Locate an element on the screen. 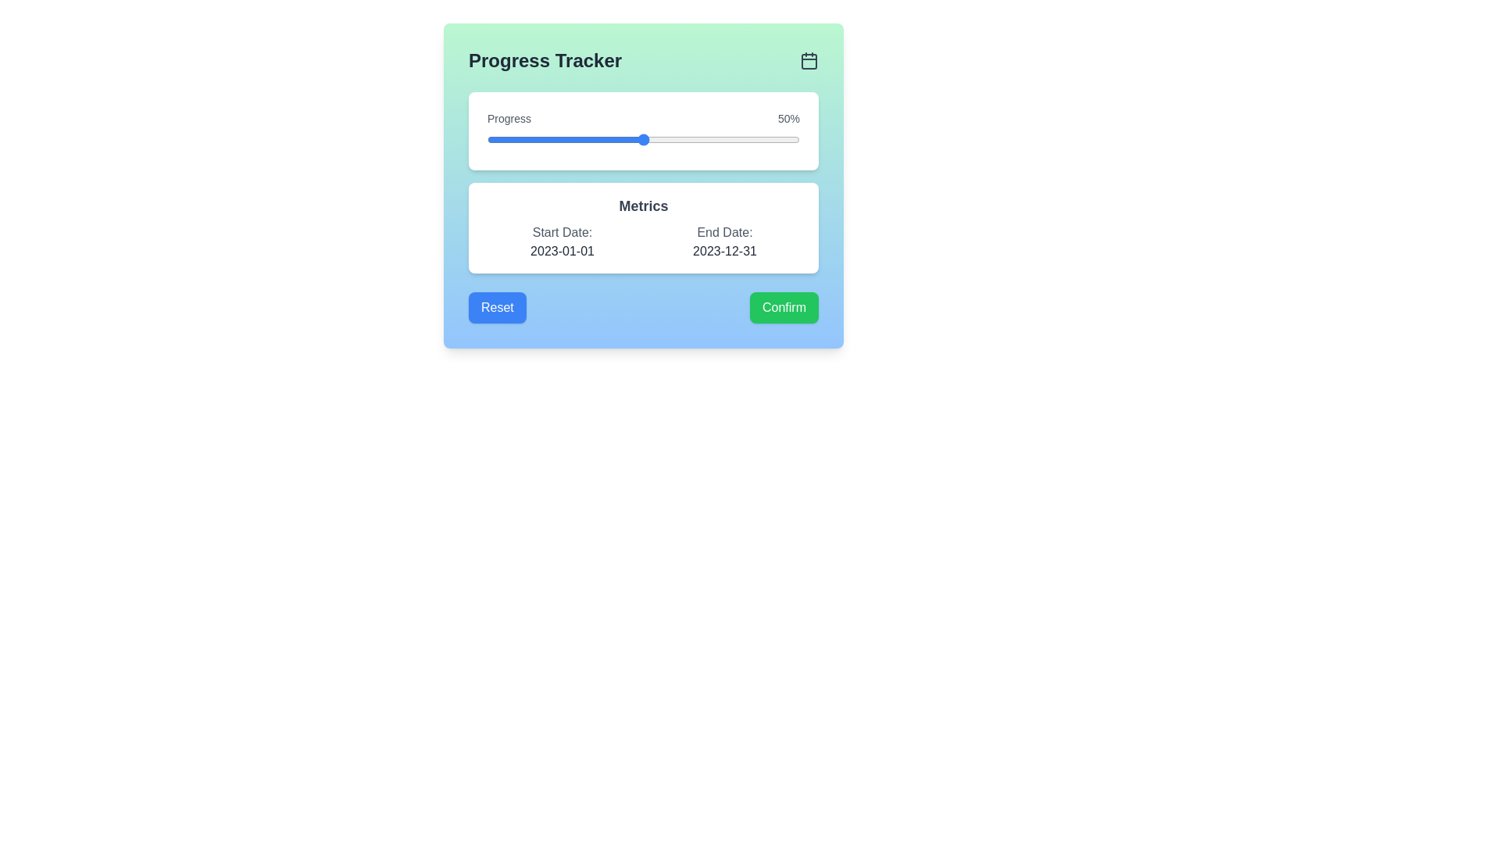  the progress is located at coordinates (678, 138).